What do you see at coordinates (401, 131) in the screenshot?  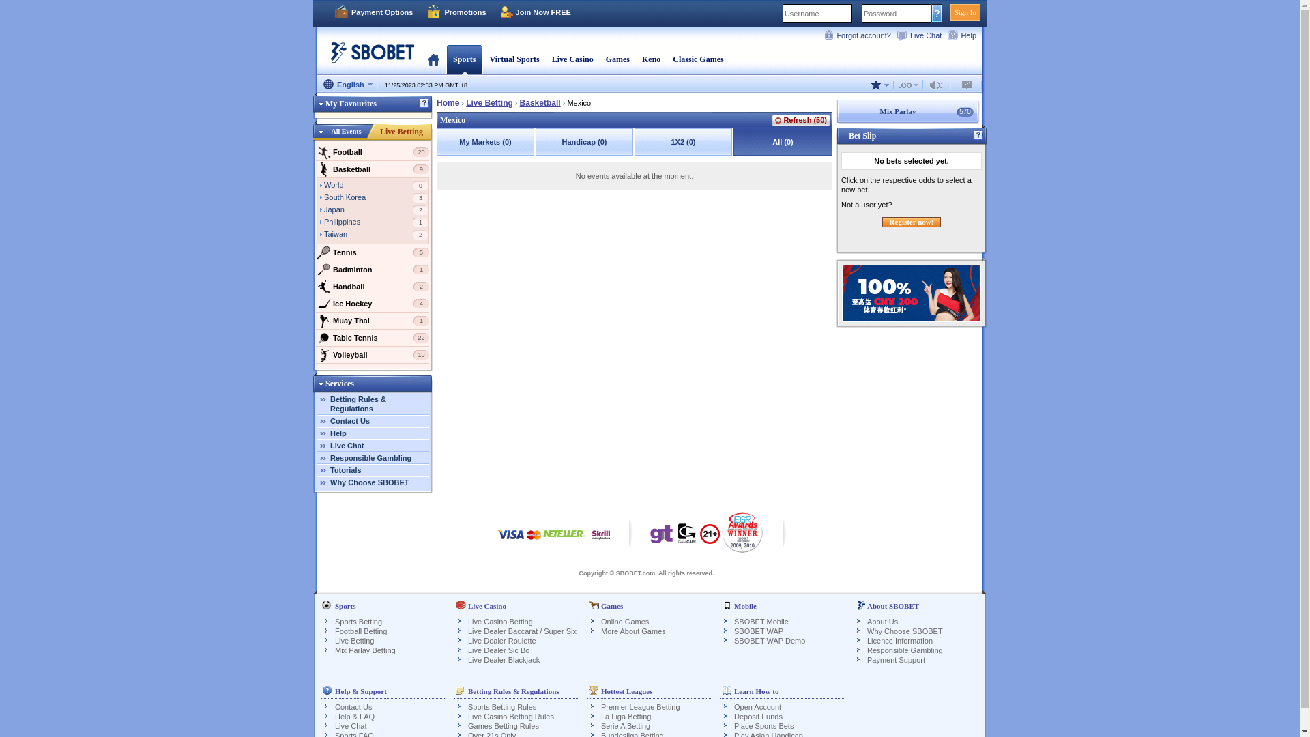 I see `'Live Betting'` at bounding box center [401, 131].